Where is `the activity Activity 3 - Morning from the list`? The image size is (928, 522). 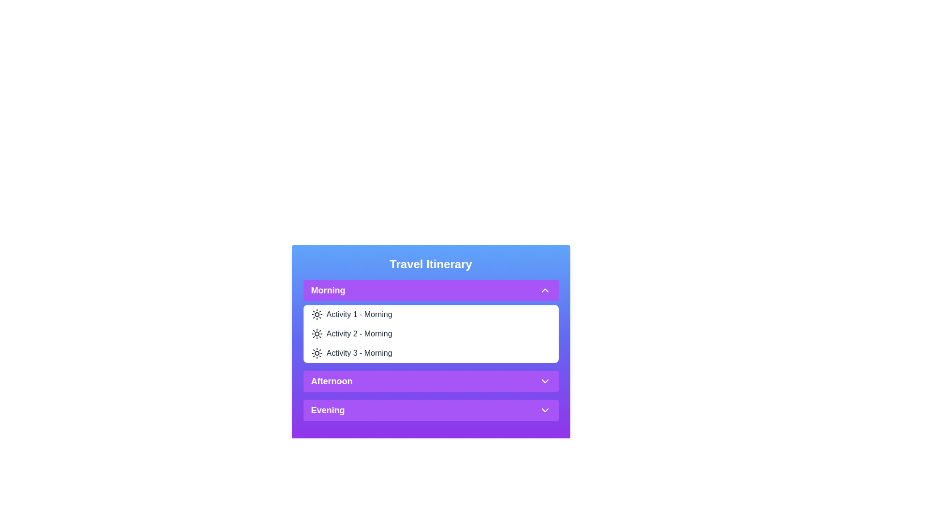
the activity Activity 3 - Morning from the list is located at coordinates (359, 353).